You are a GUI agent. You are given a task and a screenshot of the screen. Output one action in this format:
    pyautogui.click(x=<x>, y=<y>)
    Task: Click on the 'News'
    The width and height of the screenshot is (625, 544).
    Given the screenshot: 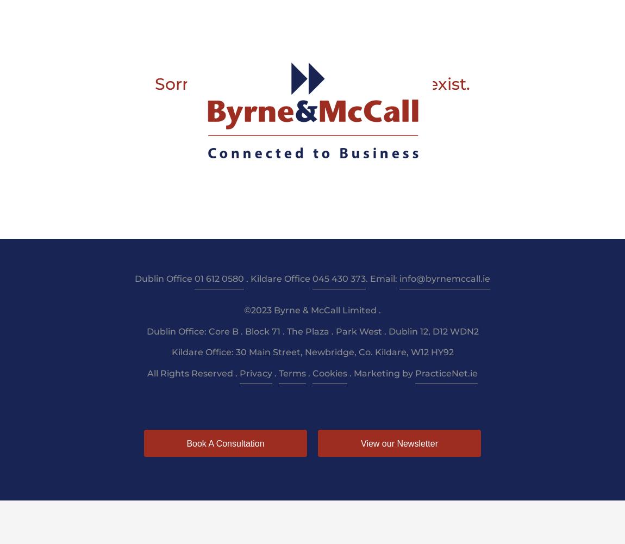 What is the action you would take?
    pyautogui.click(x=453, y=17)
    